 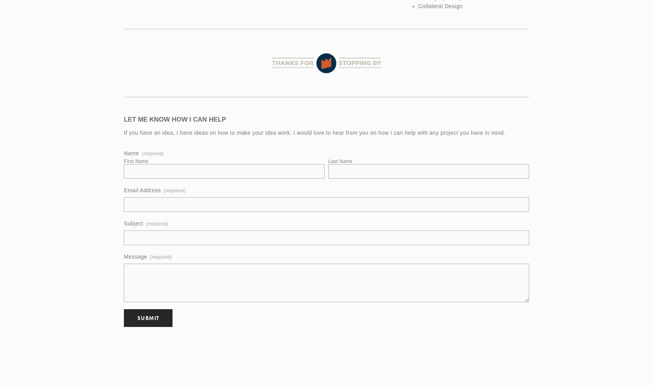 What do you see at coordinates (135, 161) in the screenshot?
I see `'First Name'` at bounding box center [135, 161].